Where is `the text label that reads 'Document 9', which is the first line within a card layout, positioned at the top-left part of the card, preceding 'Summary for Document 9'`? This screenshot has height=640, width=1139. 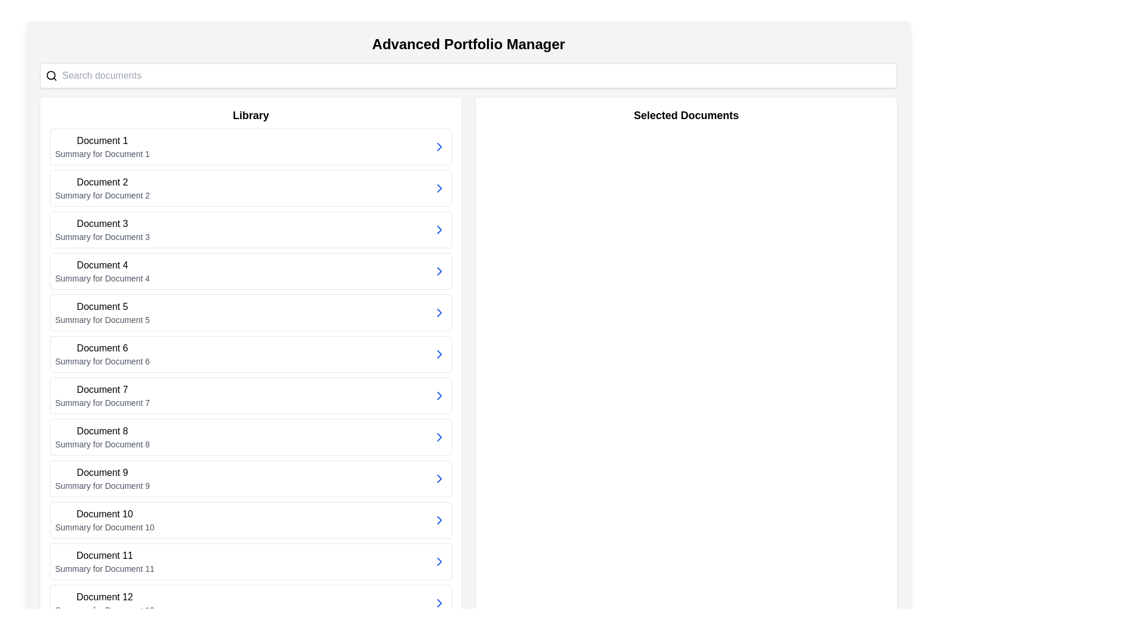 the text label that reads 'Document 9', which is the first line within a card layout, positioned at the top-left part of the card, preceding 'Summary for Document 9' is located at coordinates (102, 472).